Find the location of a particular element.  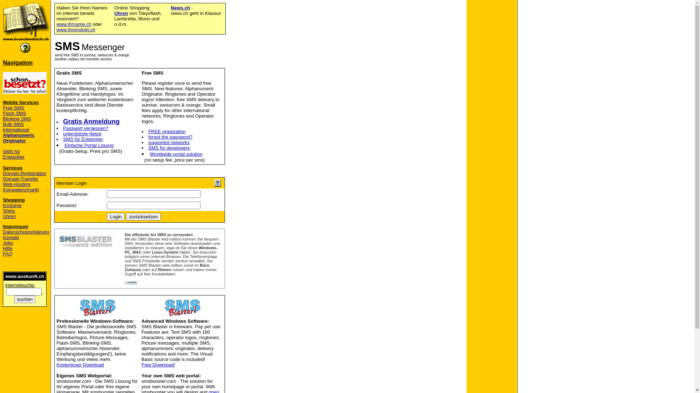

'supported networks' is located at coordinates (168, 142).